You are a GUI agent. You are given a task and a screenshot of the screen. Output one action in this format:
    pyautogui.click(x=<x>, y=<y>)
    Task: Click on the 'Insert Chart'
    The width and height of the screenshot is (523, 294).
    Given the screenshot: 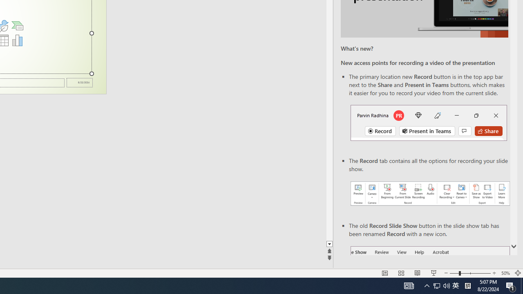 What is the action you would take?
    pyautogui.click(x=17, y=40)
    